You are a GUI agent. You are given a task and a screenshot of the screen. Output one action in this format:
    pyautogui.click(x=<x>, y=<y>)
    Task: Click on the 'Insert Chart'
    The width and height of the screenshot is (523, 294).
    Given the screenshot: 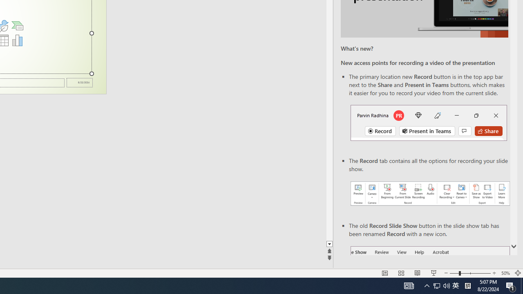 What is the action you would take?
    pyautogui.click(x=17, y=40)
    